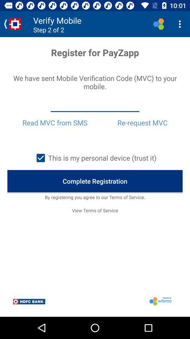  What do you see at coordinates (180, 24) in the screenshot?
I see `the item above the register for payzapp item` at bounding box center [180, 24].